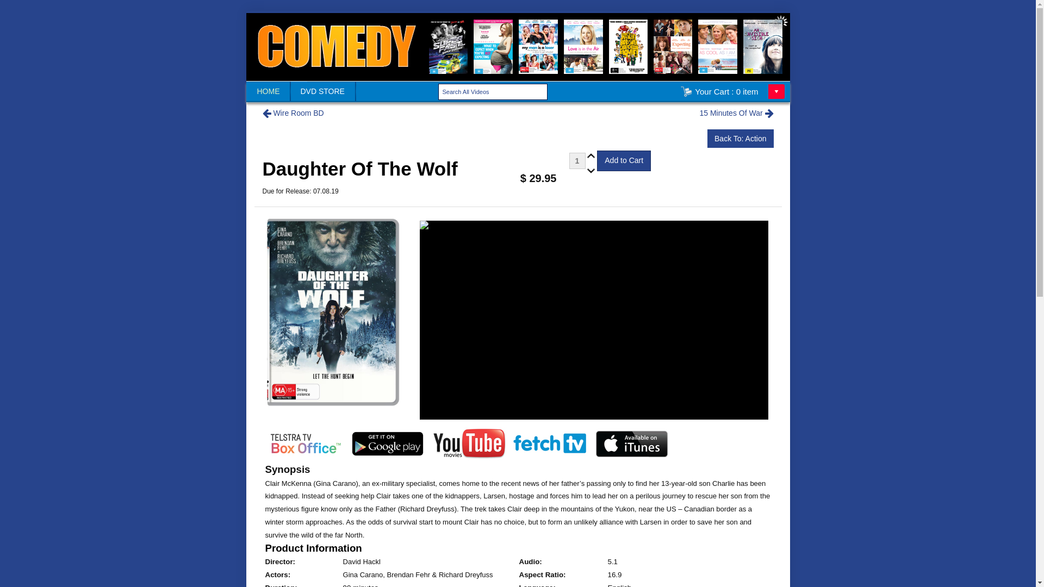 Image resolution: width=1044 pixels, height=587 pixels. I want to click on 'Back To: Action', so click(739, 138).